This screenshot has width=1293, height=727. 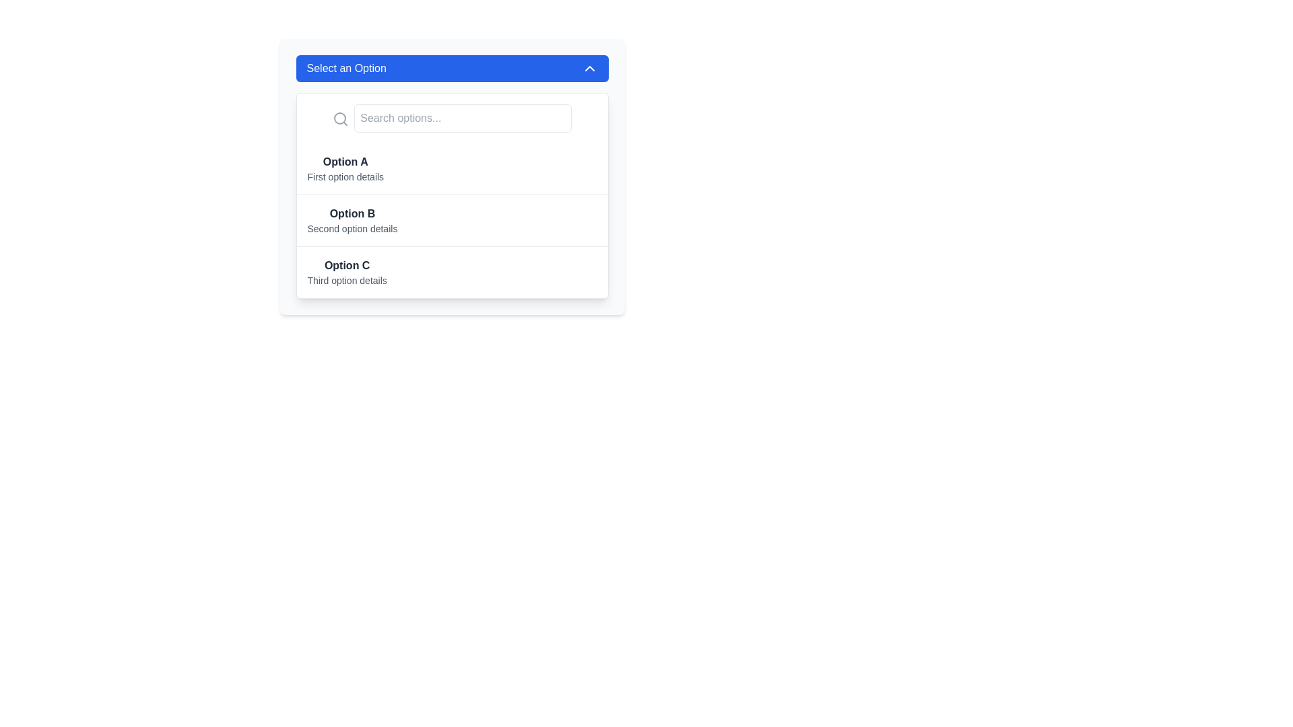 What do you see at coordinates (345, 176) in the screenshot?
I see `information displayed in the text label that shows 'First option details', which is positioned beneath the bold title 'Option A'` at bounding box center [345, 176].